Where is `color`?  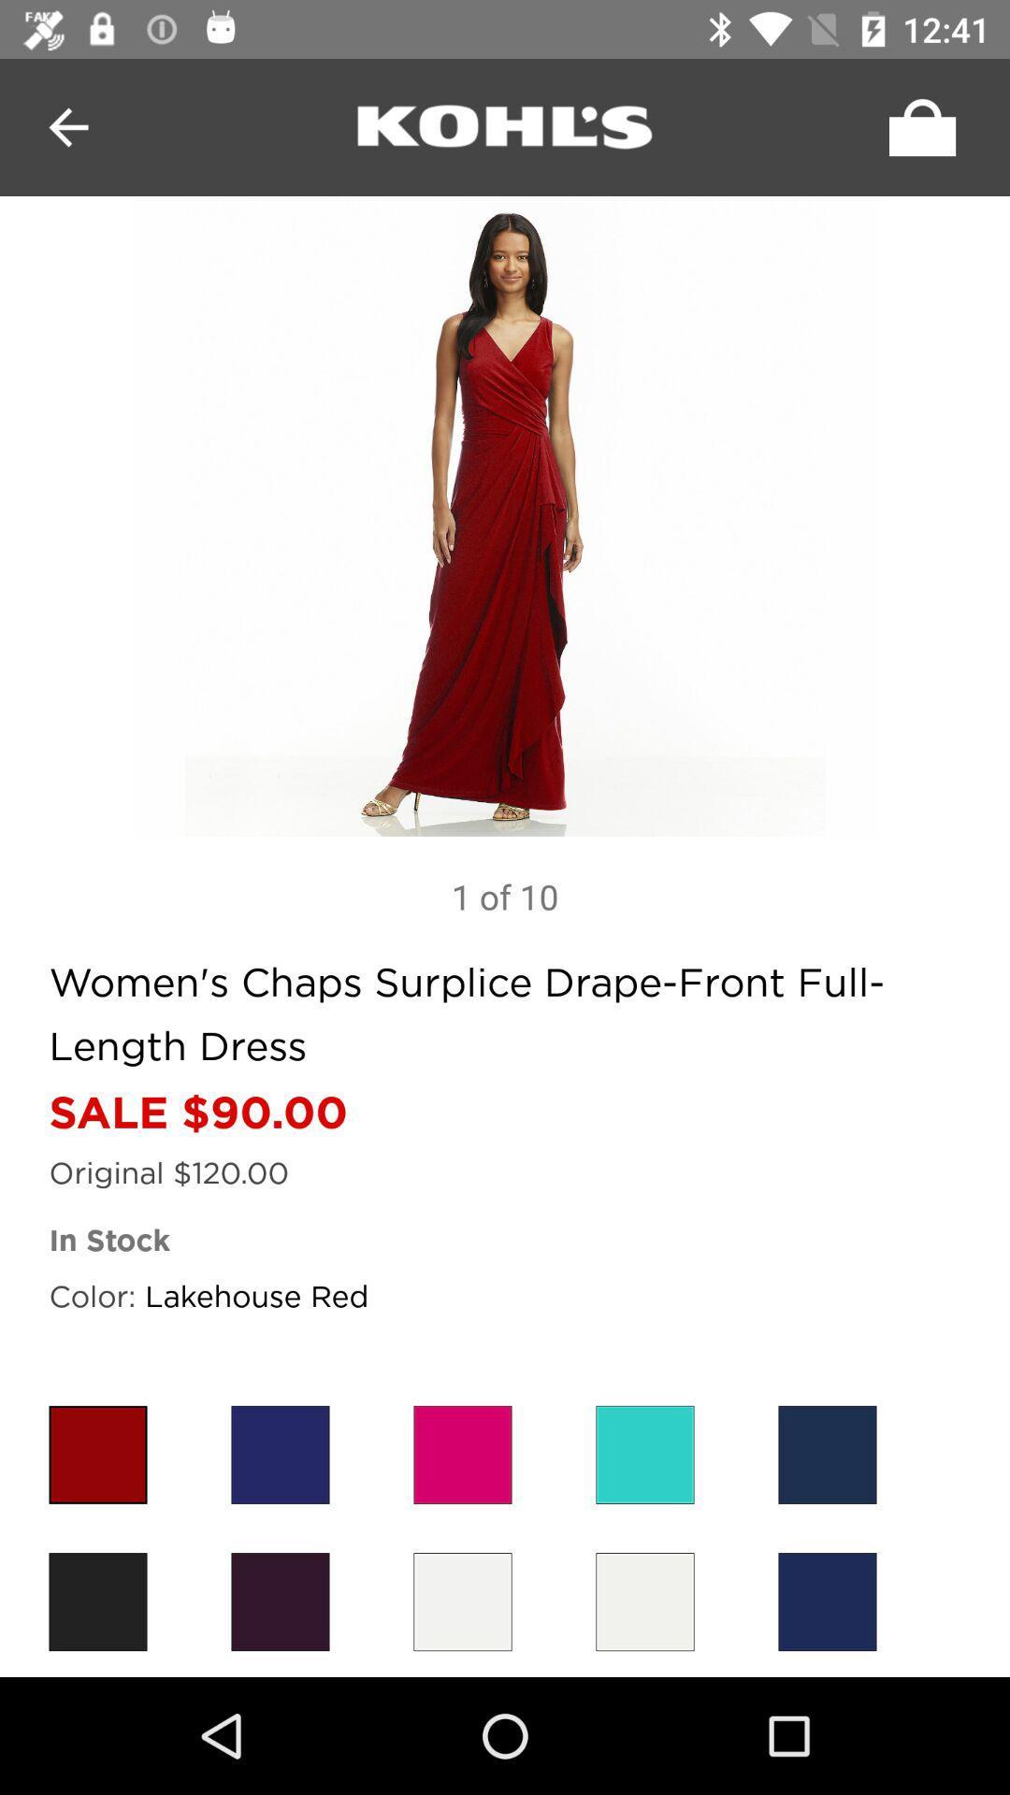
color is located at coordinates (97, 1454).